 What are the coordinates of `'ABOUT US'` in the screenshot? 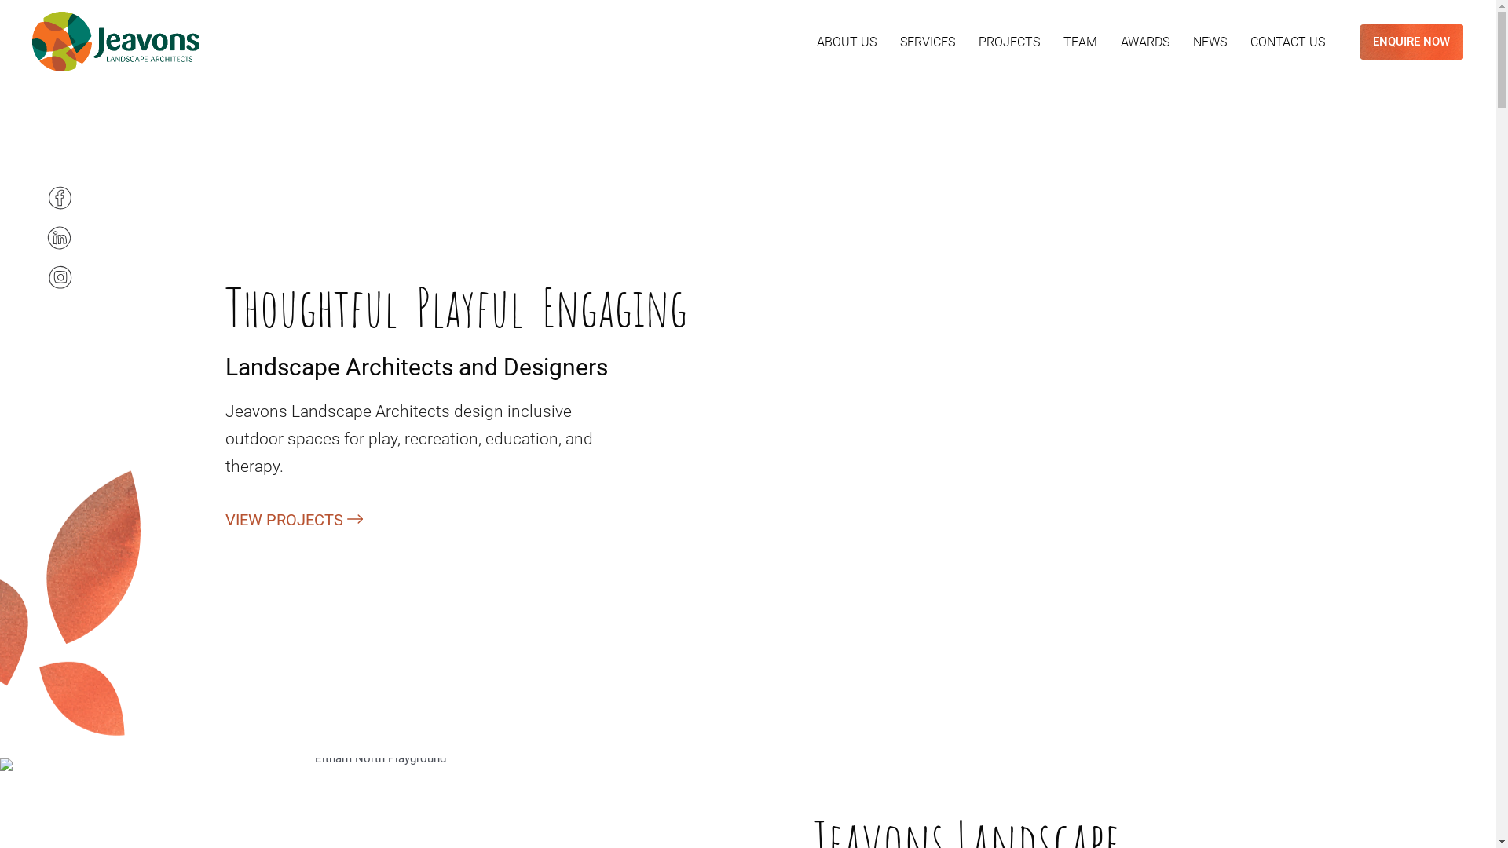 It's located at (846, 41).